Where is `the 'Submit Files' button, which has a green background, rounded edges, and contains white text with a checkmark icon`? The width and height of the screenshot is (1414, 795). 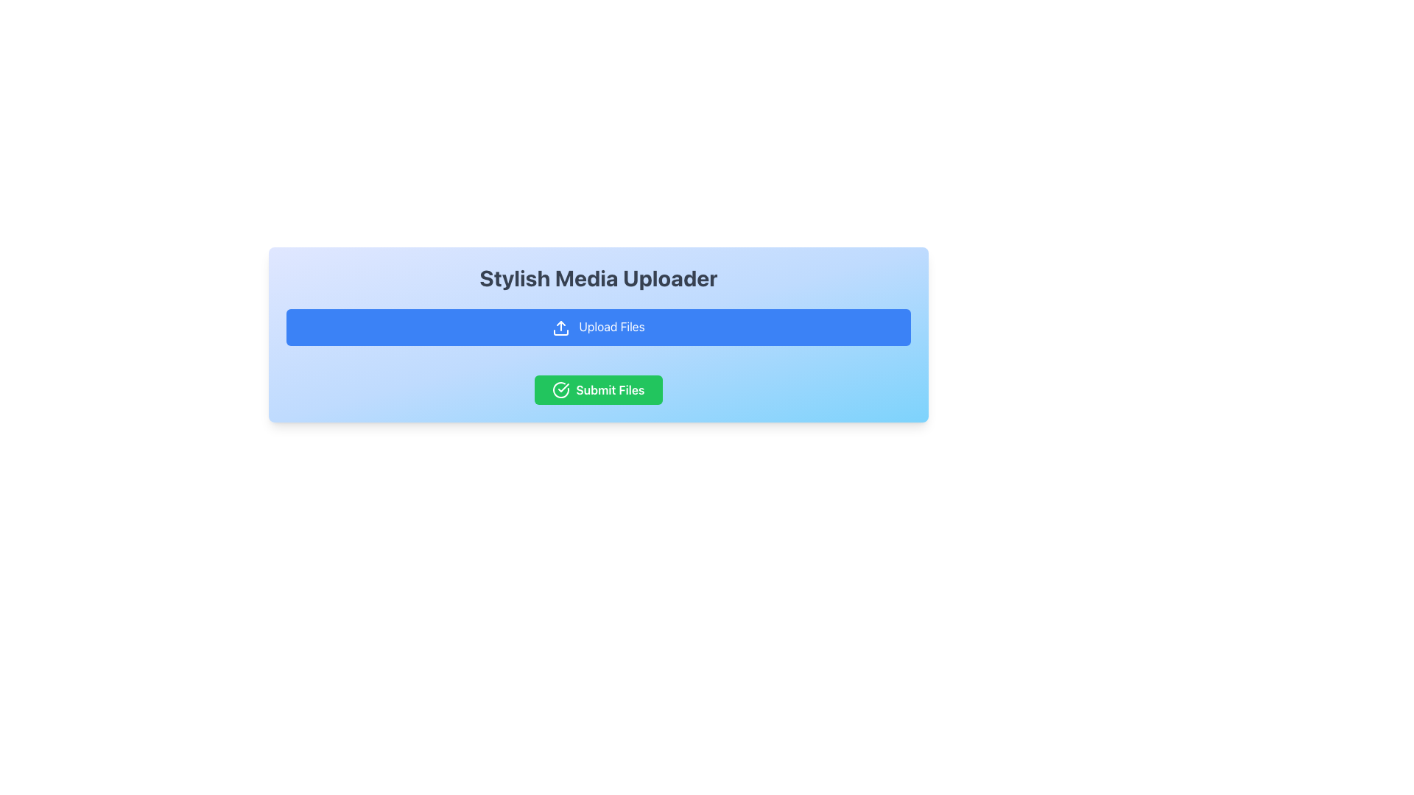
the 'Submit Files' button, which has a green background, rounded edges, and contains white text with a checkmark icon is located at coordinates (598, 388).